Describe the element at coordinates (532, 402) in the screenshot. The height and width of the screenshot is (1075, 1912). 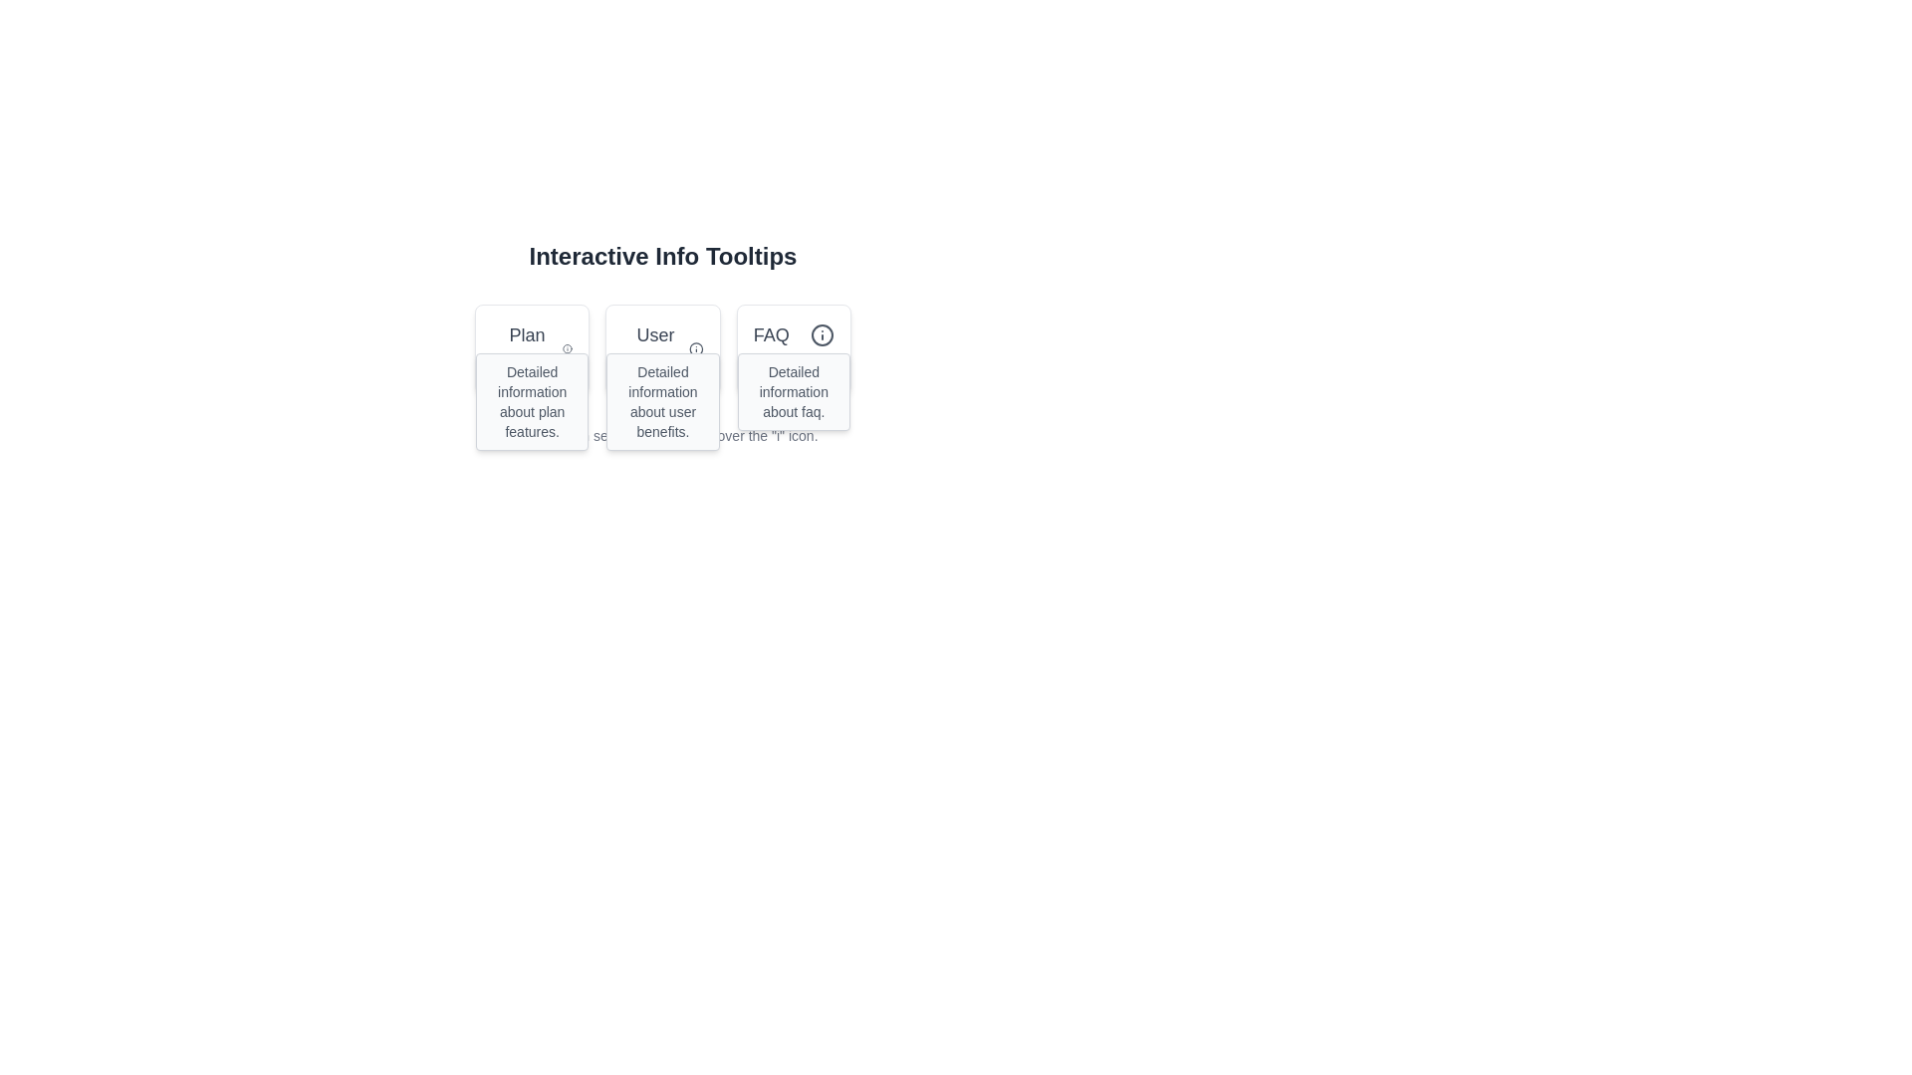
I see `text from the tooltip's text label that contains the information about plan features, which is styled in a smaller font size and medium gray color` at that location.